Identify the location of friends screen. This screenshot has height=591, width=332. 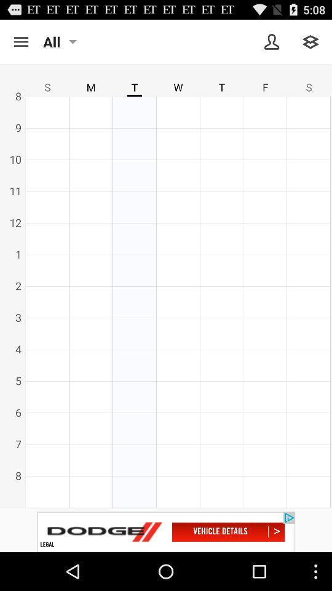
(272, 42).